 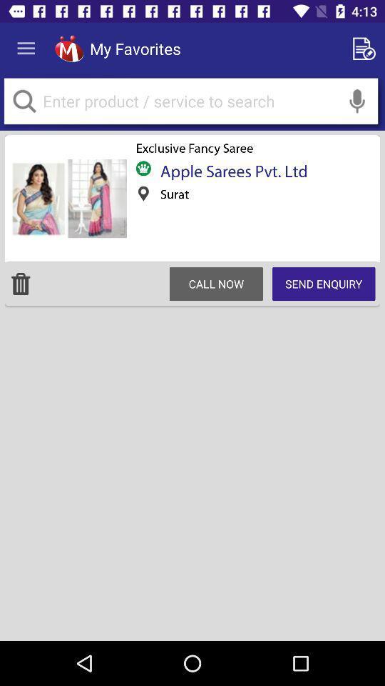 I want to click on the exclusive fancy saree below my favorites, so click(x=194, y=148).